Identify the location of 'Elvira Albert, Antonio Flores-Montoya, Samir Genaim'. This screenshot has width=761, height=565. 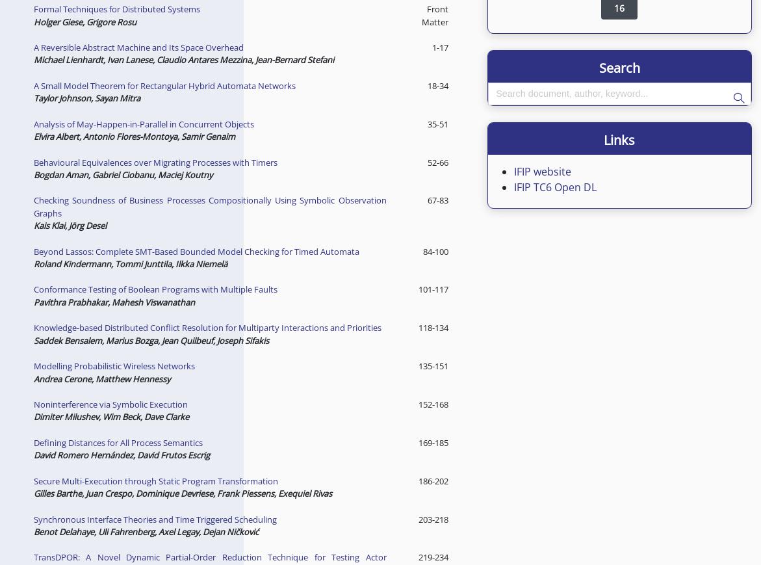
(133, 136).